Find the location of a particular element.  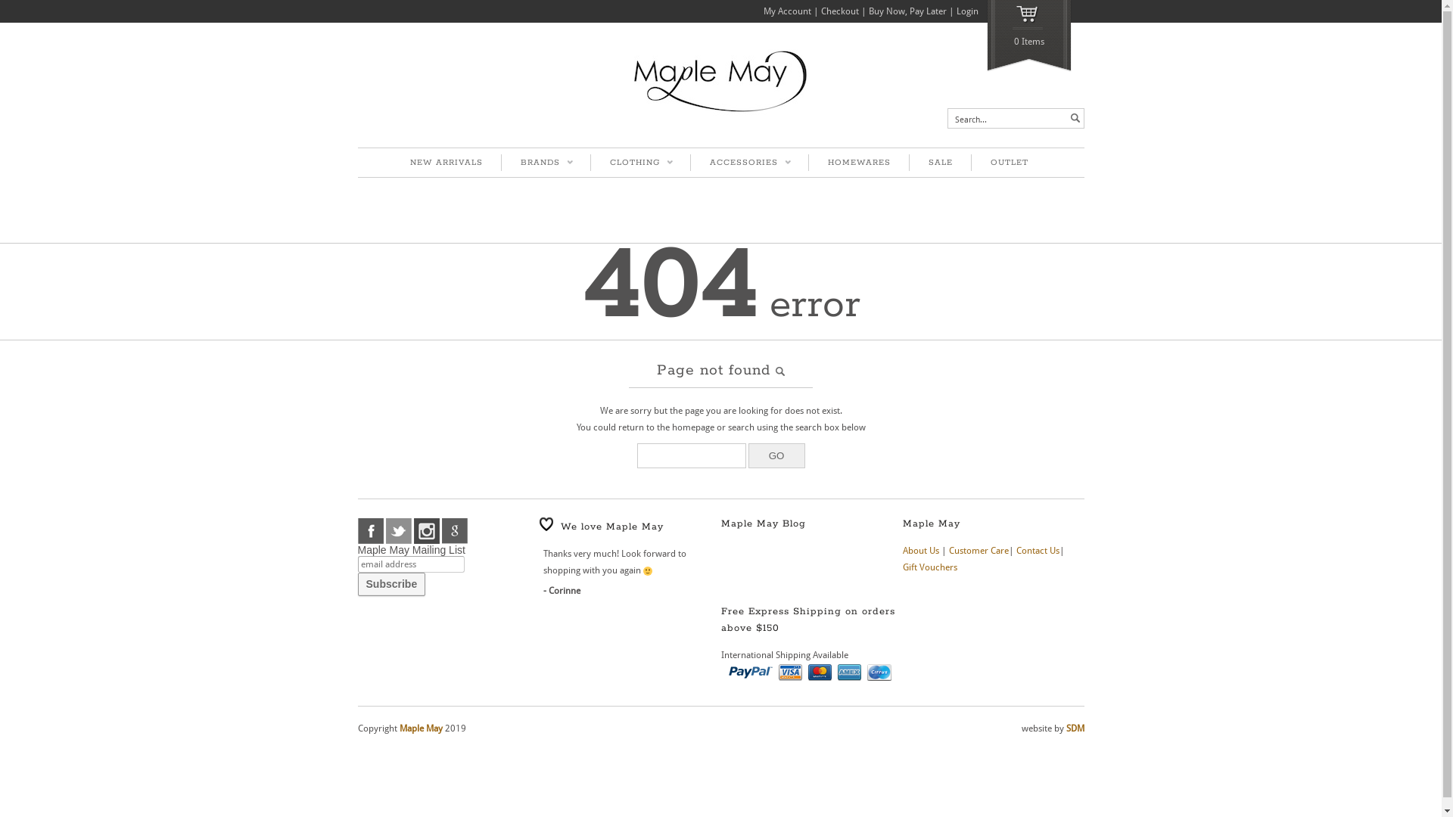

'About Us' is located at coordinates (919, 551).